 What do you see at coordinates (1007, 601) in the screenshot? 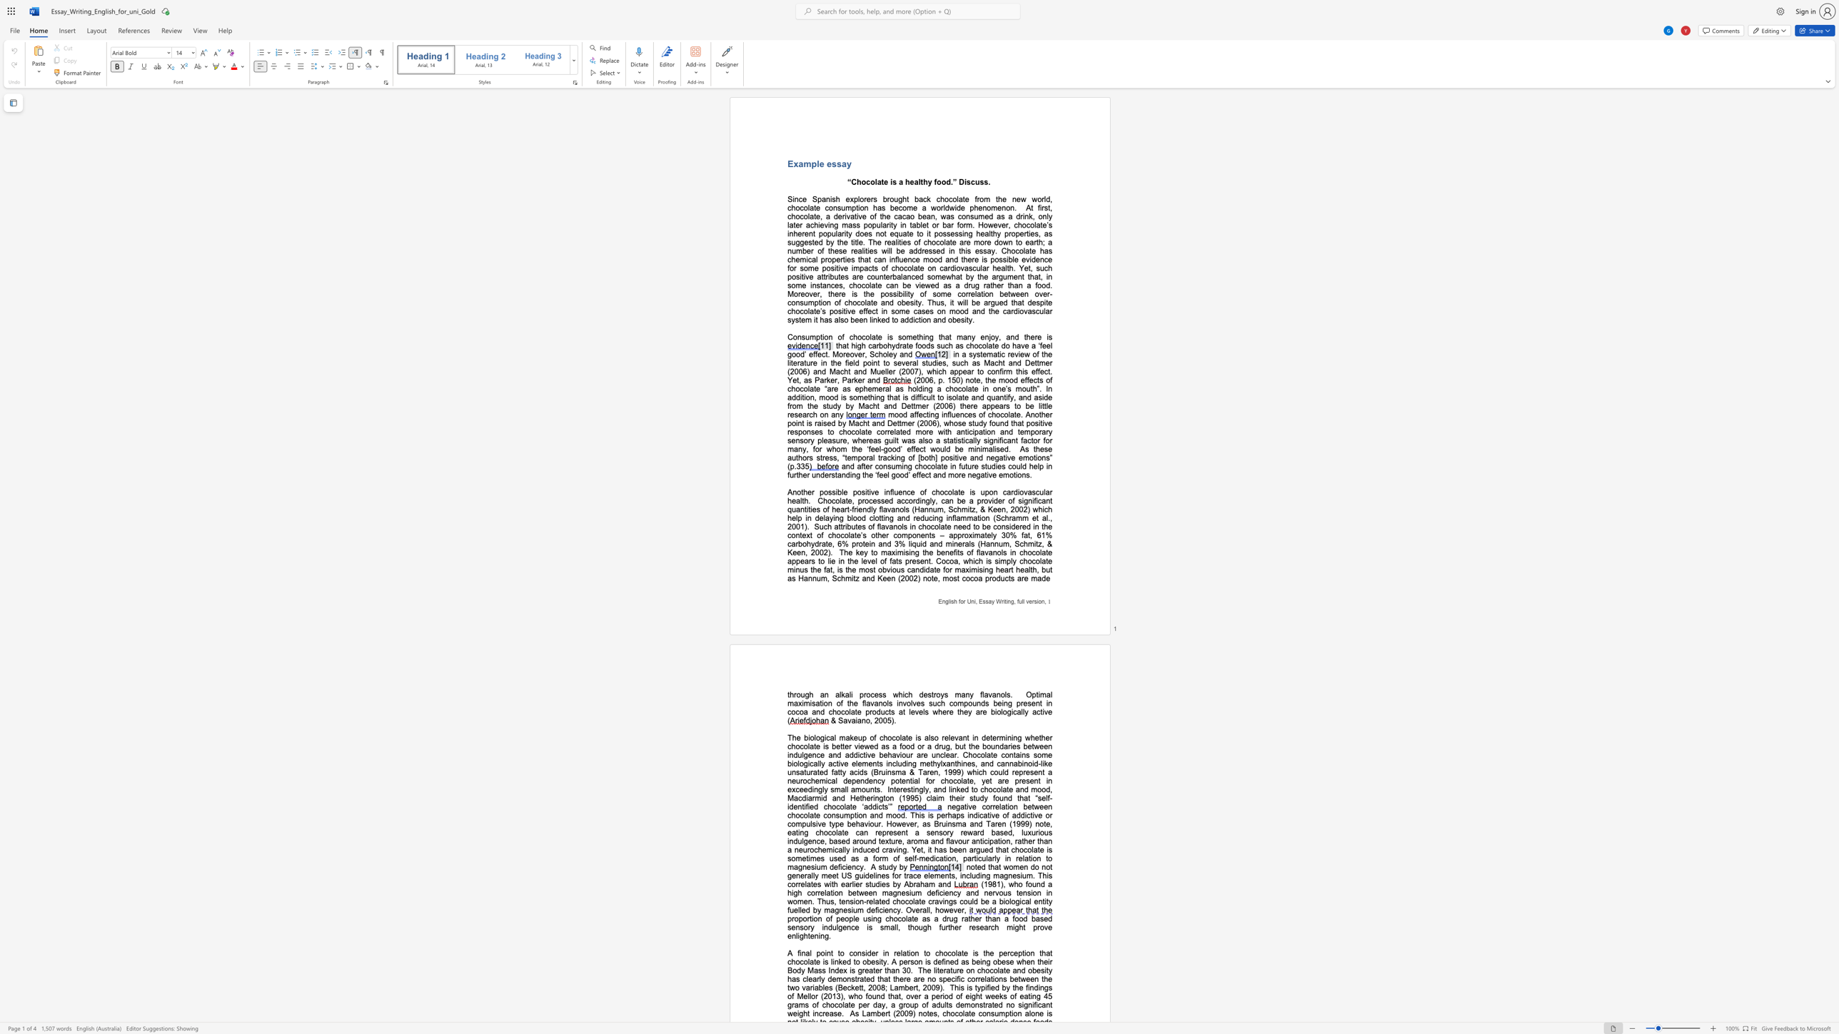
I see `the subset text "ng, full versi" within the text "English for Uni, Essay Writing, full version,"` at bounding box center [1007, 601].